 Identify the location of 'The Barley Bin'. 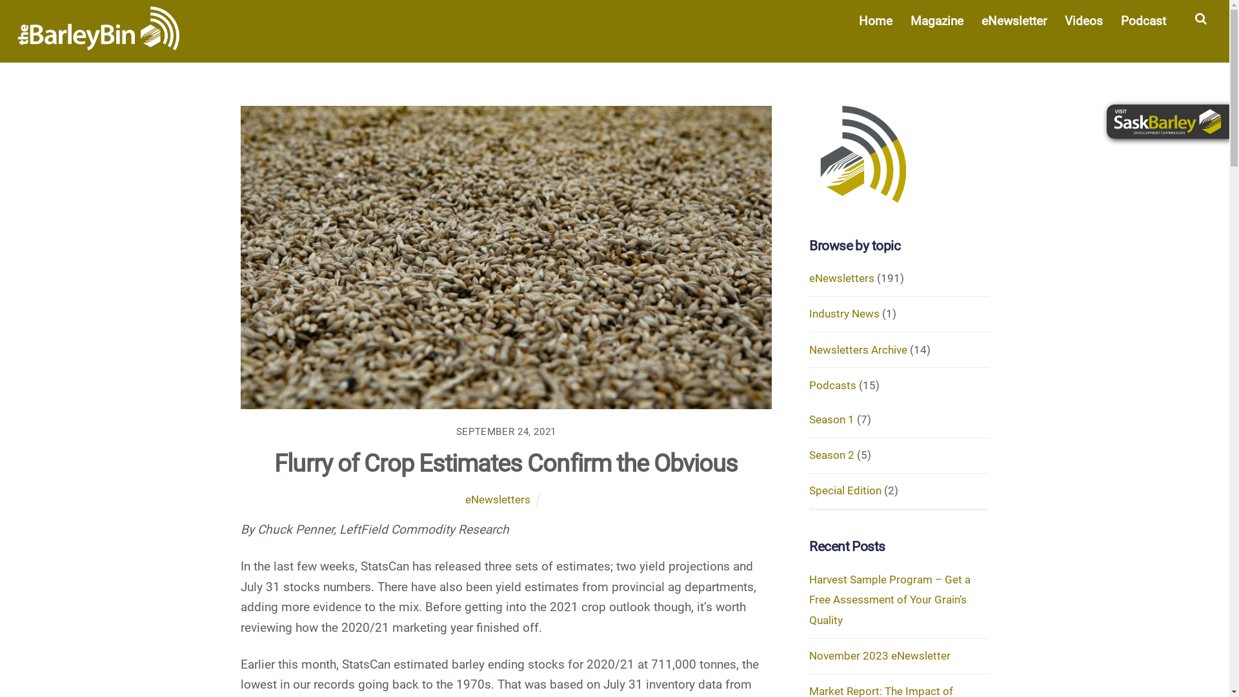
(18, 41).